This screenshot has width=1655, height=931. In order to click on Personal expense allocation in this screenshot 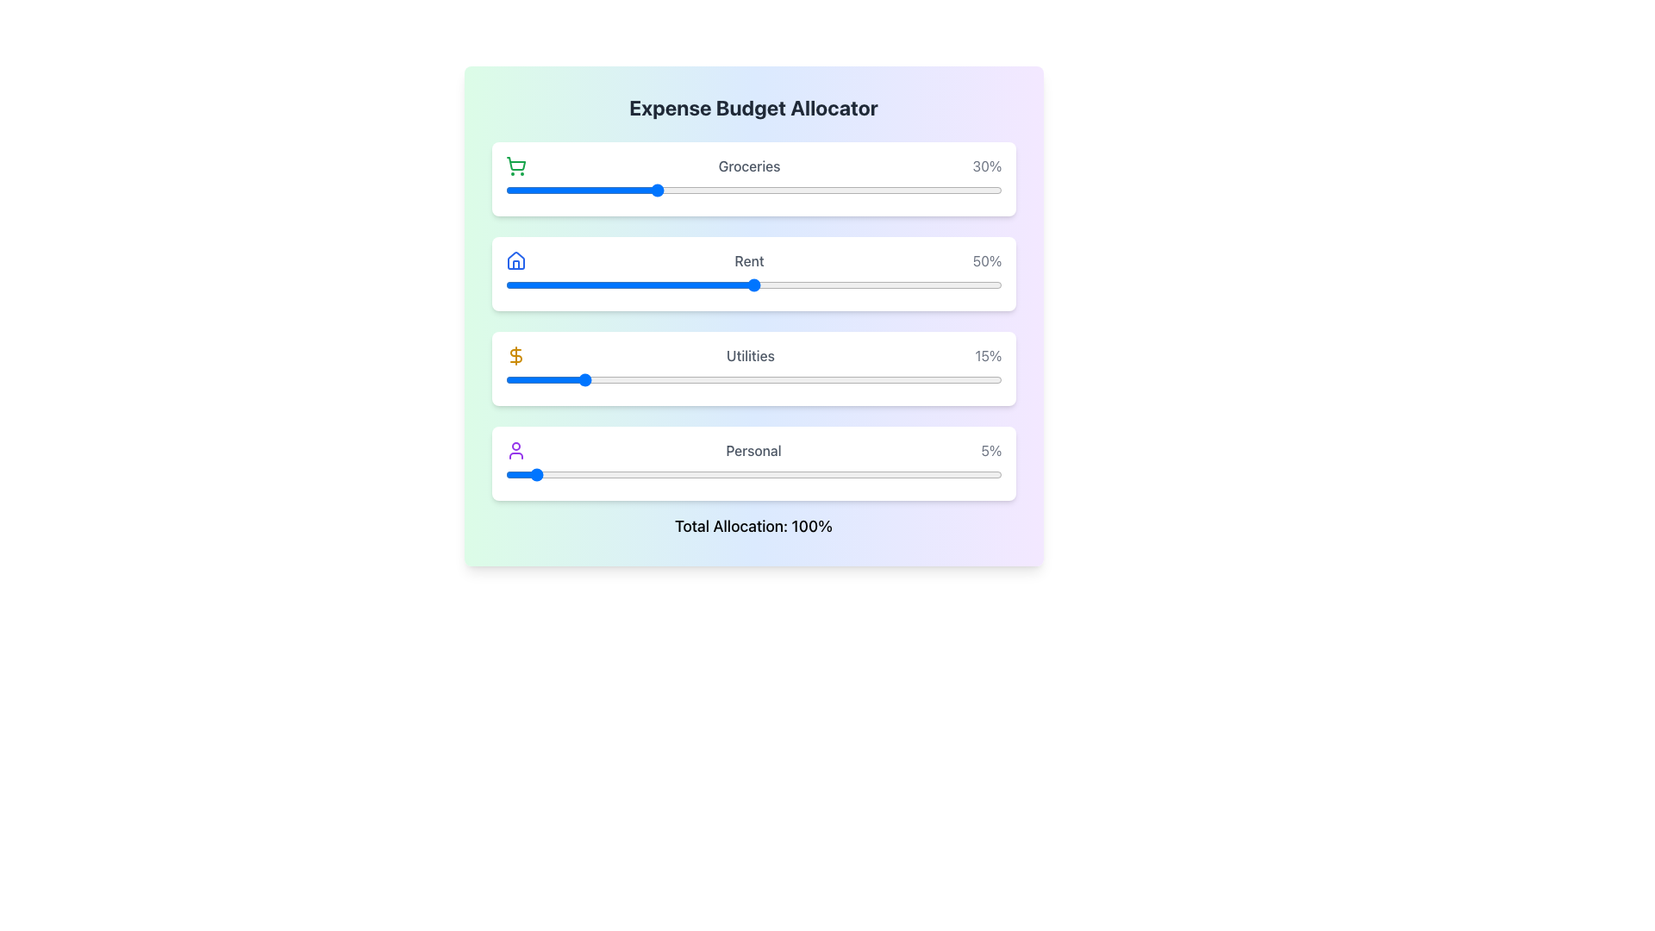, I will do `click(620, 475)`.